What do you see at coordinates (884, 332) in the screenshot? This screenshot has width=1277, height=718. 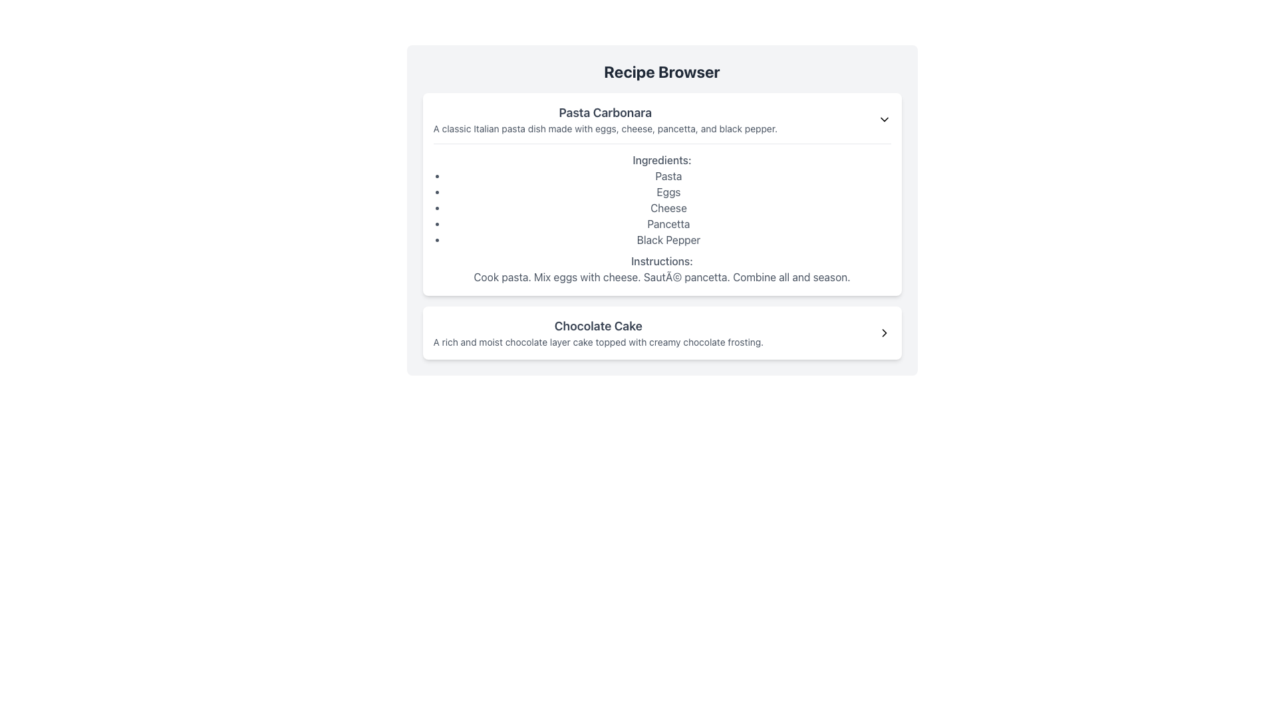 I see `the Chevron arrow icon pointing to the right, located at the far right of the 'Chocolate Cake' card` at bounding box center [884, 332].